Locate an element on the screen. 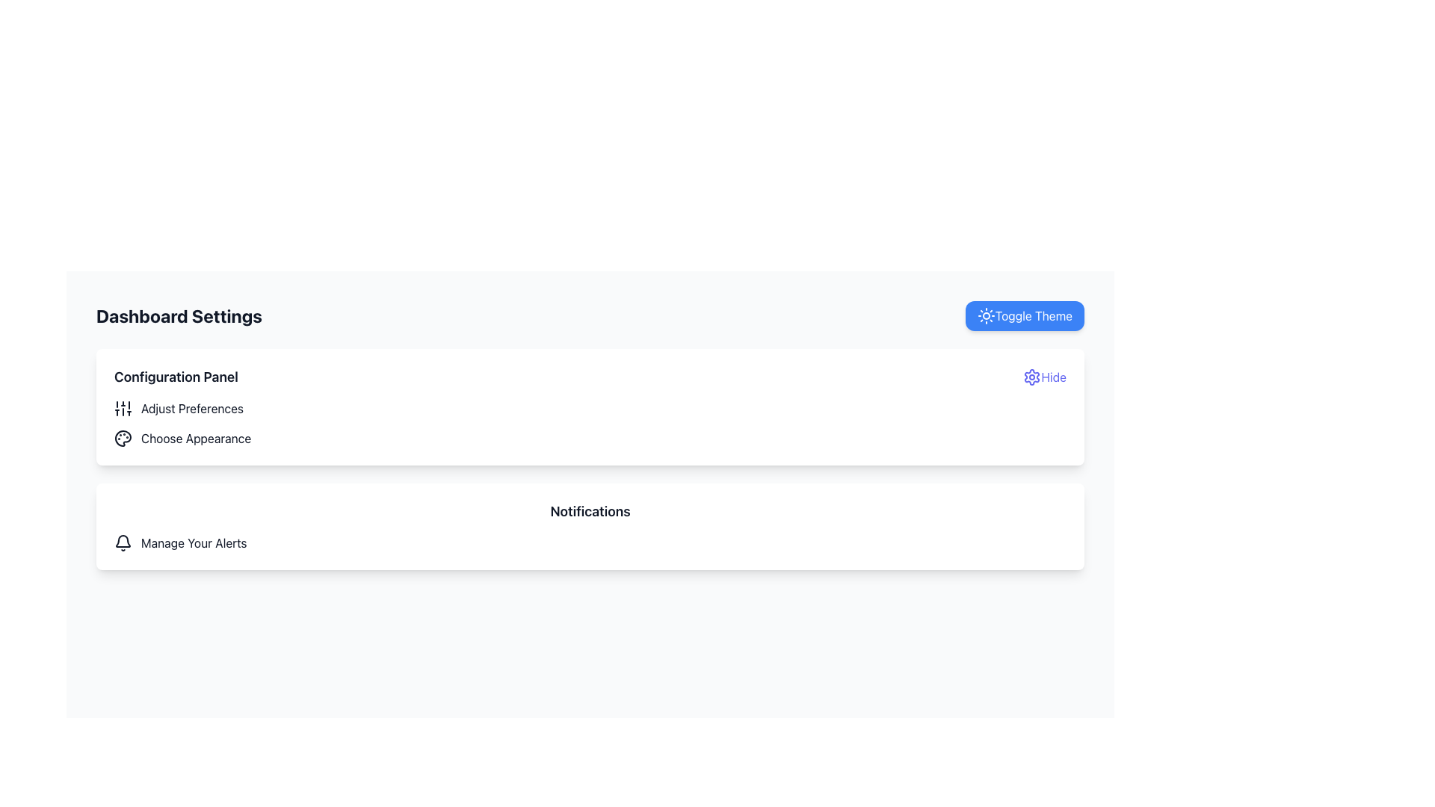 Image resolution: width=1435 pixels, height=807 pixels. the painter's palette icon in the 'Choose Appearance' section of the 'Configuration Panel' is located at coordinates (123, 437).